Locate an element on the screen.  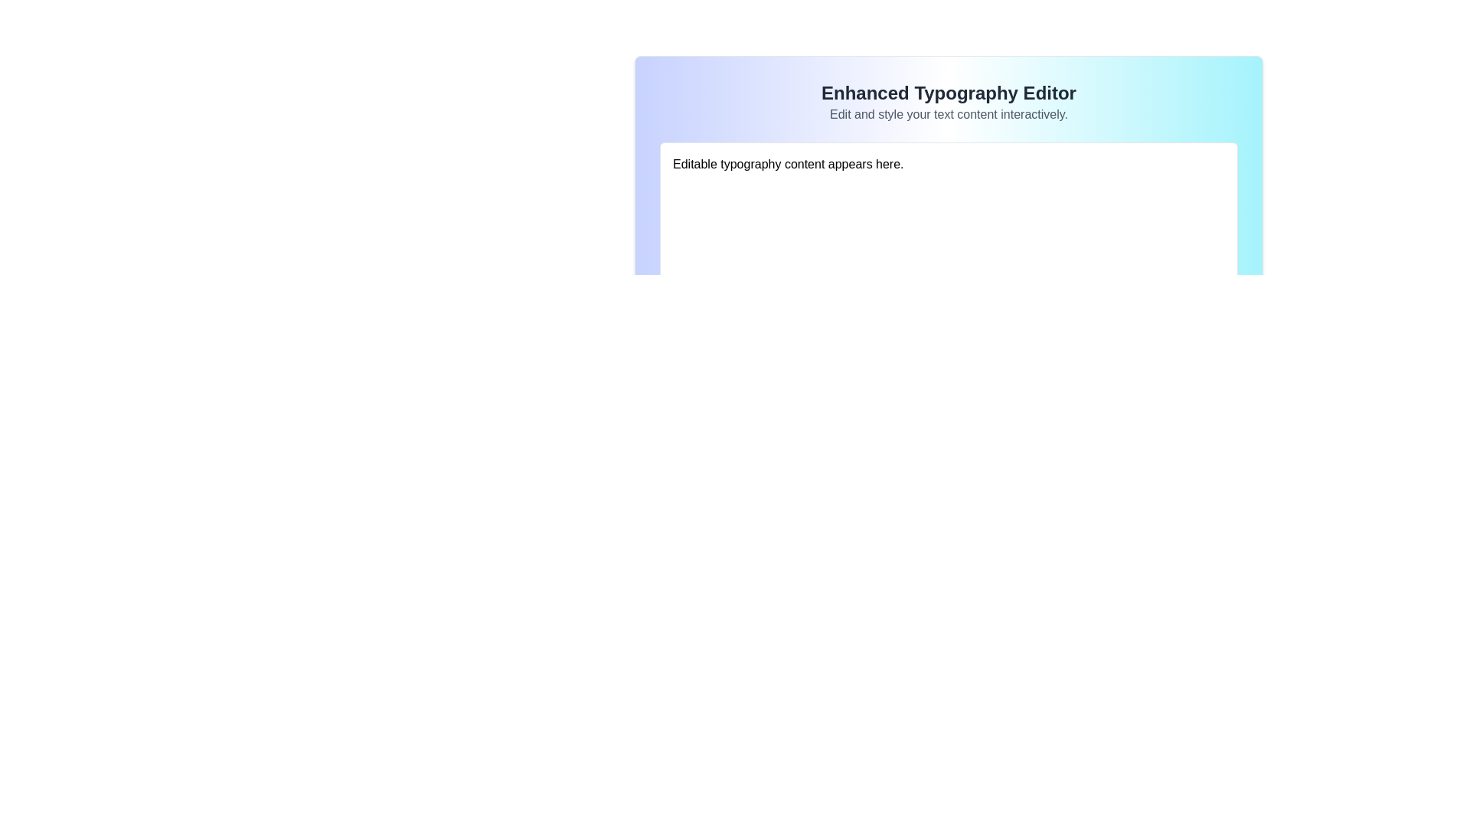
the subtitle text that reads 'Edit and style your text content interactively.' which is located directly below the title 'Enhanced Typography Editor' is located at coordinates (948, 114).